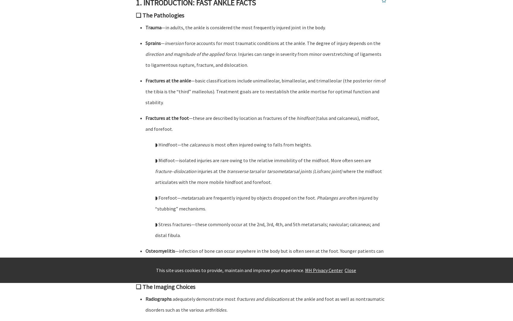 The width and height of the screenshot is (513, 321). What do you see at coordinates (204, 298) in the screenshot?
I see `'adequately demonstrate most'` at bounding box center [204, 298].